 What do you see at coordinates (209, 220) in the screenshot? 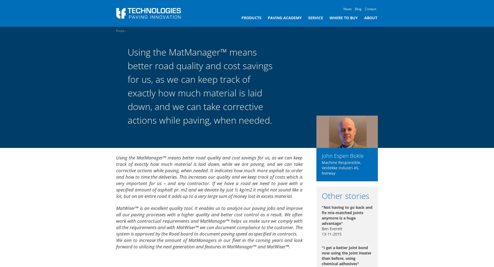
I see `'MatWiser™ is an excellent quality tool. It enables us to analyze our paving jobs and improve all our paving processes with a higher quality and better cost control as a result. We often work with contractual requirements and MatManager™ helps us make sure we comply with all the requirements and with MatWiser™ we can document compliance to the customer. The system is approved by the Road board to document paving speed as specified in contracts.'` at bounding box center [209, 220].